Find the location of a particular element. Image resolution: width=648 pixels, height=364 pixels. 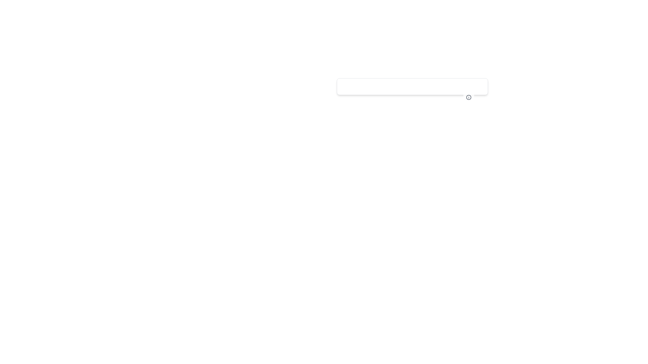

the outermost circular component of the SVG icon located to the immediate right of the text input field is located at coordinates (468, 97).